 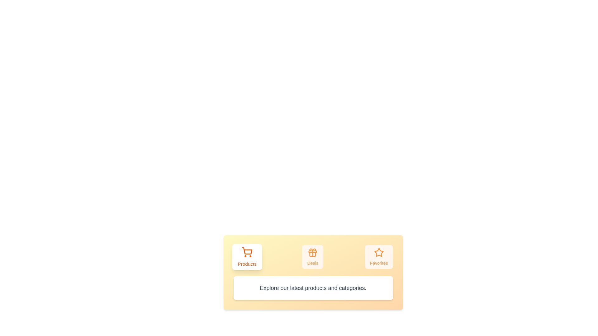 What do you see at coordinates (378, 257) in the screenshot?
I see `the Favorites tab by clicking on its button` at bounding box center [378, 257].